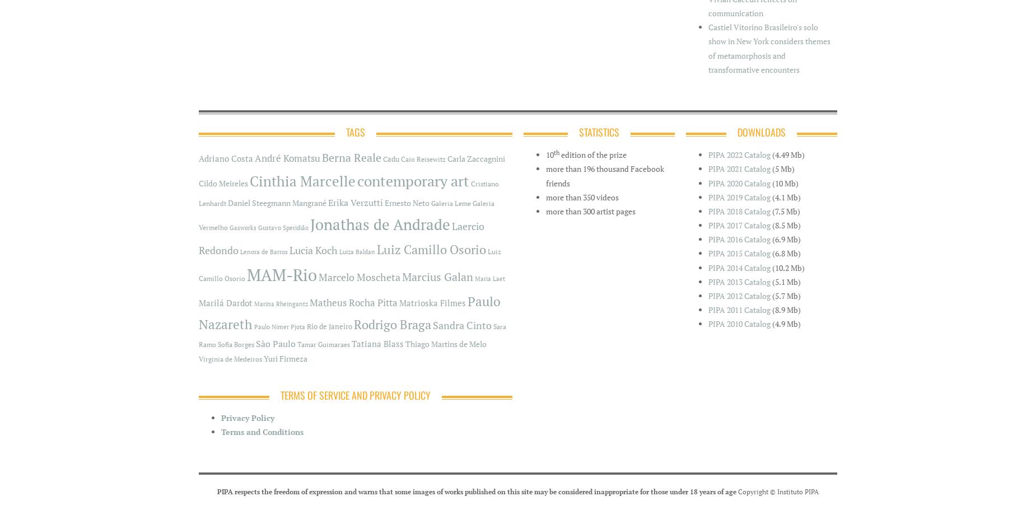 The image size is (1036, 515). What do you see at coordinates (353, 302) in the screenshot?
I see `'Matheus Rocha Pitta'` at bounding box center [353, 302].